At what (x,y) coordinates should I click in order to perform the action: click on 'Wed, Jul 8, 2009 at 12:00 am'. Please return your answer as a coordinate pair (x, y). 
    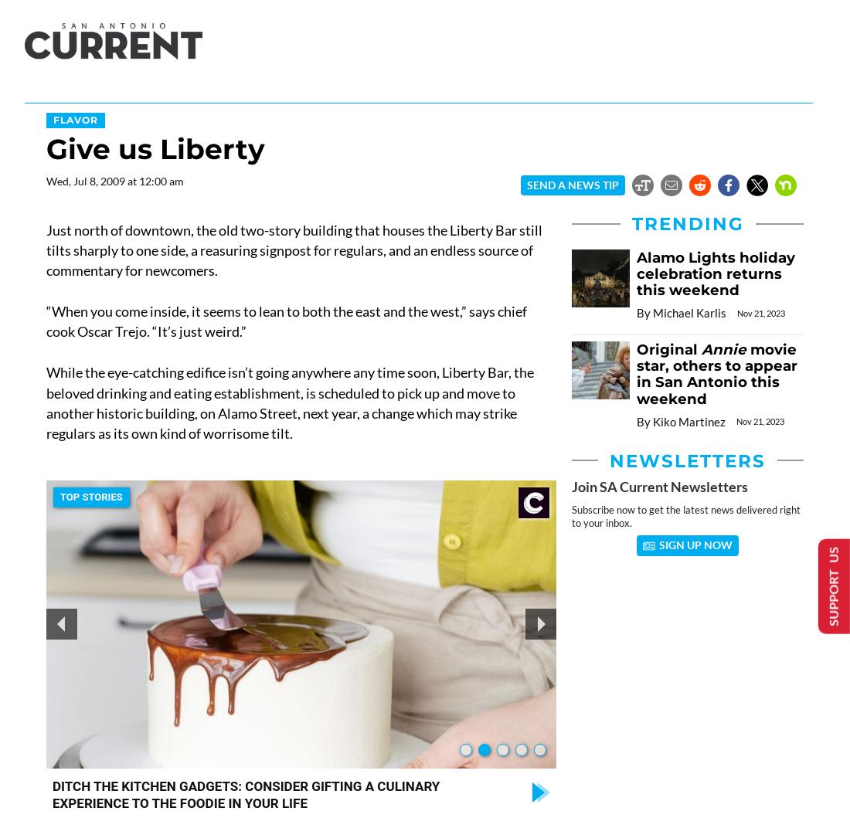
    Looking at the image, I should click on (114, 181).